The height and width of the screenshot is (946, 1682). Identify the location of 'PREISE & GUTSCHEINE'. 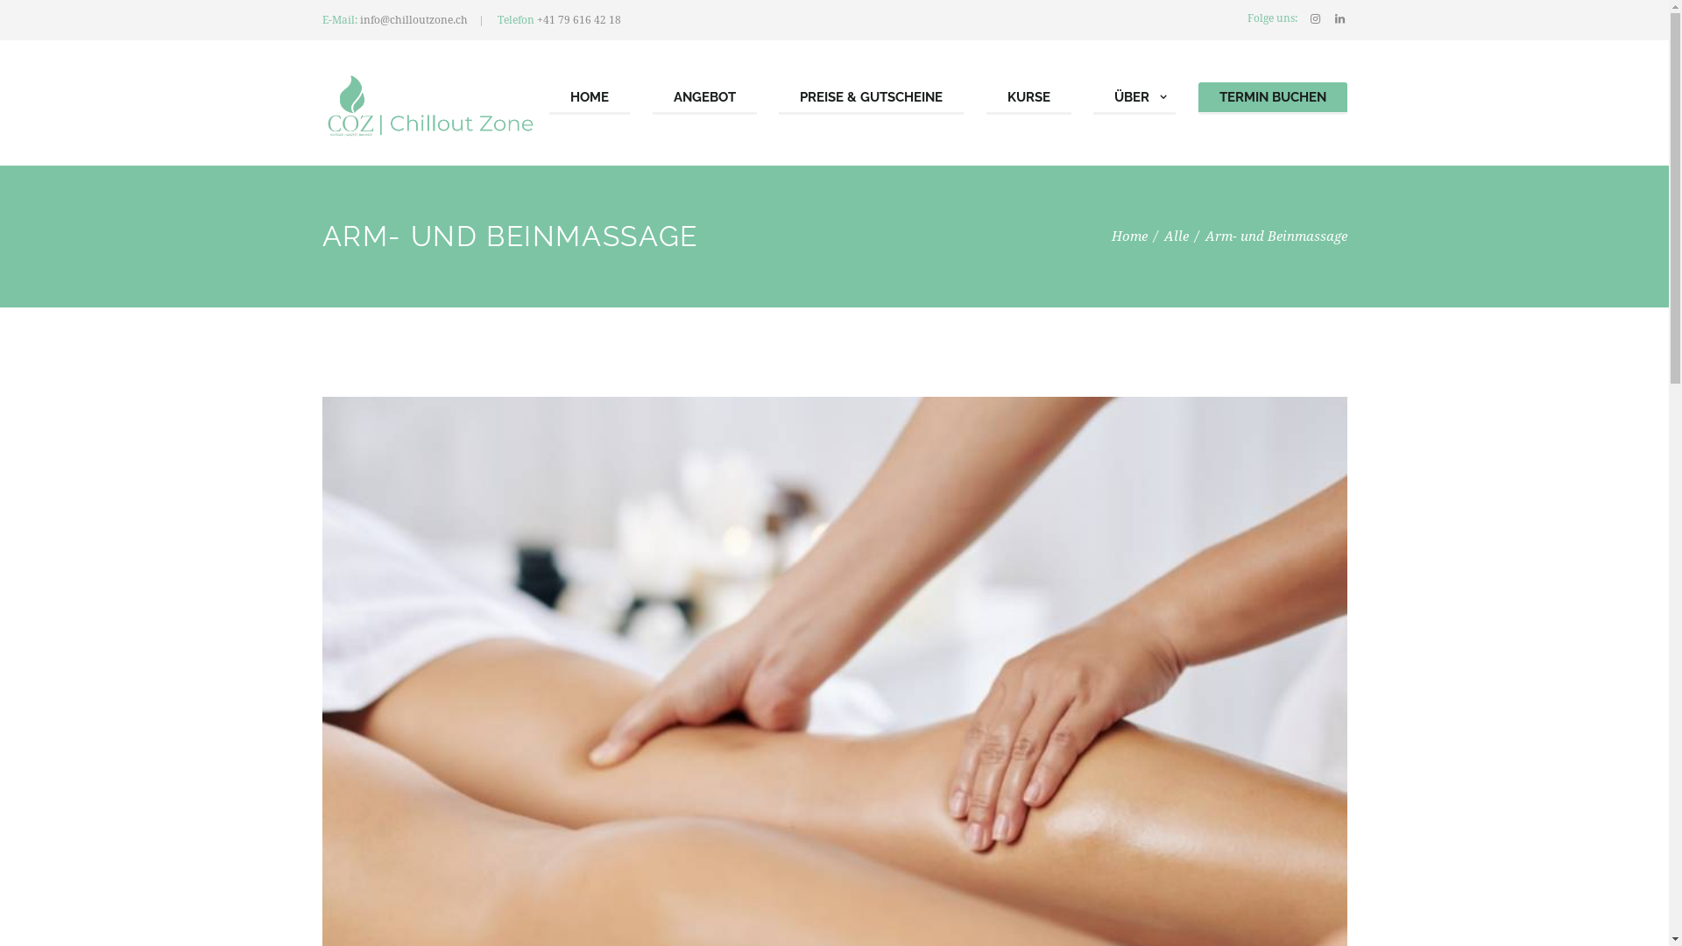
(871, 98).